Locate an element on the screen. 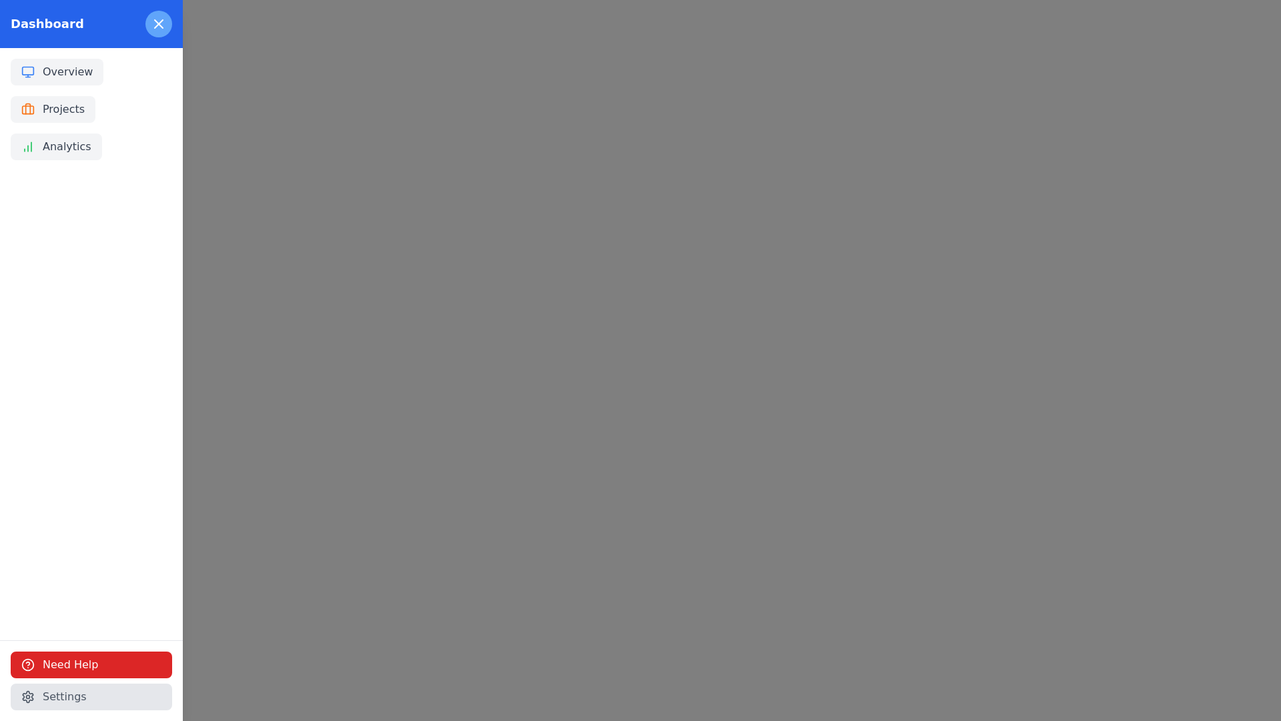  the close button located on the top-right corner of the blue bar labeled 'Dashboard' is located at coordinates (159, 23).